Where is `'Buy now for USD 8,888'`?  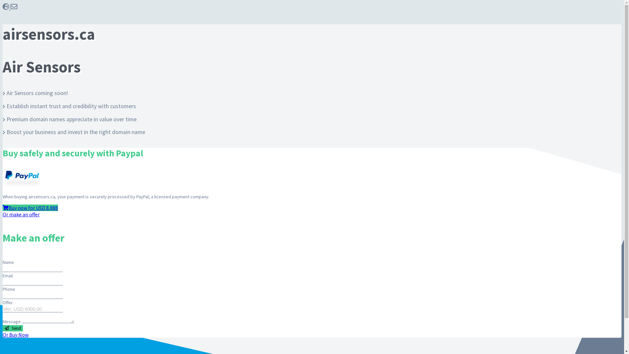
'Buy now for USD 8,888' is located at coordinates (3, 207).